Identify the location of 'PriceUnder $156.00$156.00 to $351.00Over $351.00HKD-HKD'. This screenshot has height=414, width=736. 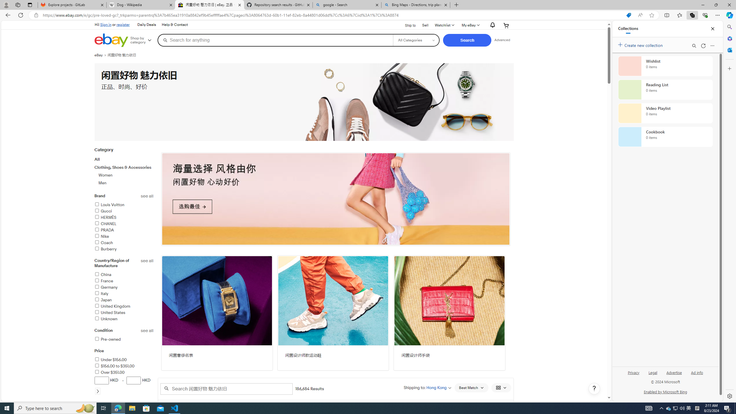
(124, 374).